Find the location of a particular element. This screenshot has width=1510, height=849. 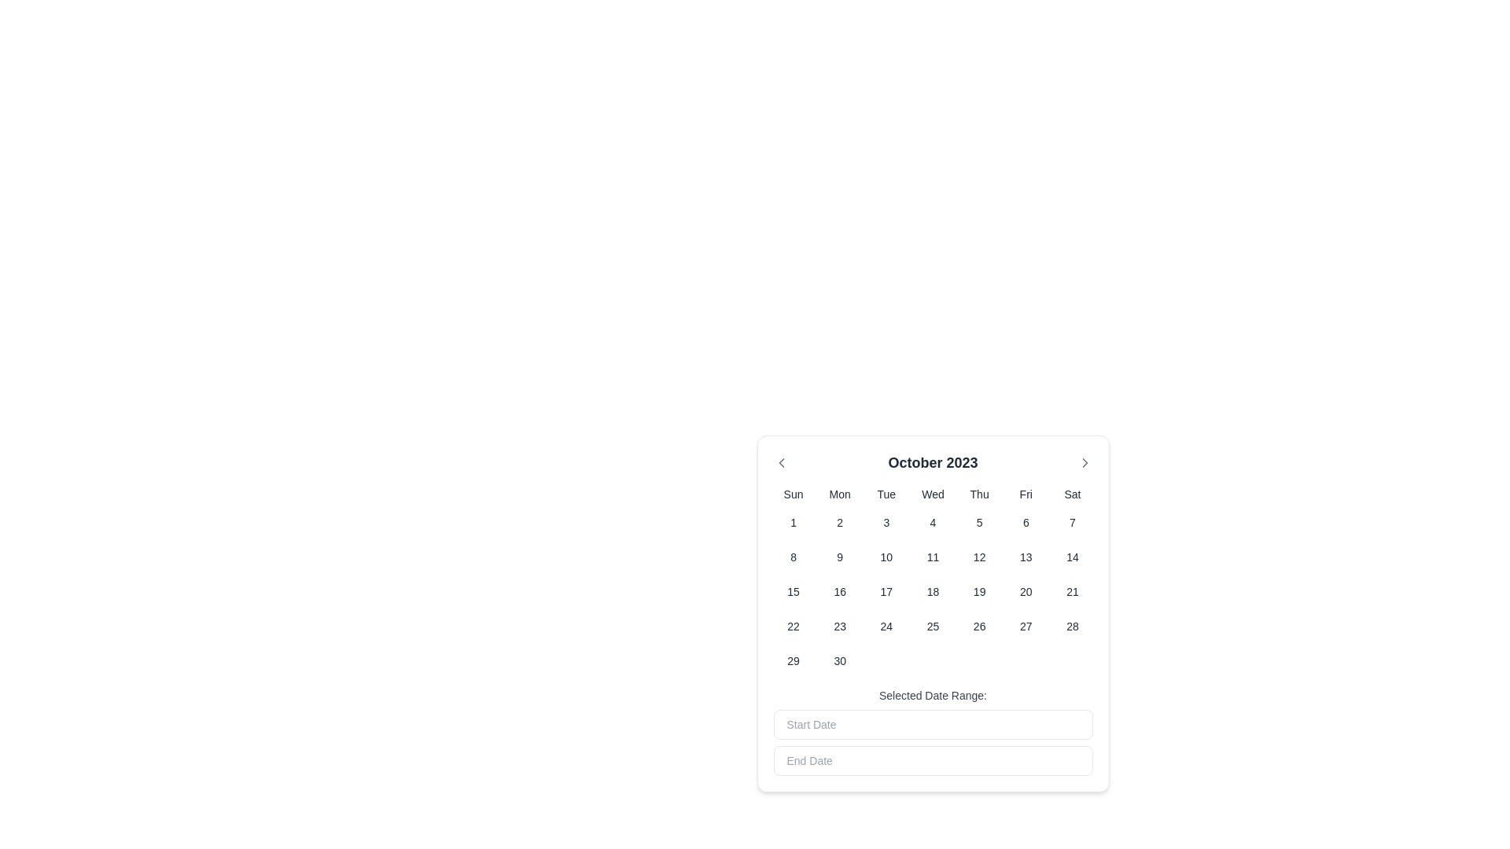

the button representing the 29th day of the calendar month is located at coordinates (794, 660).